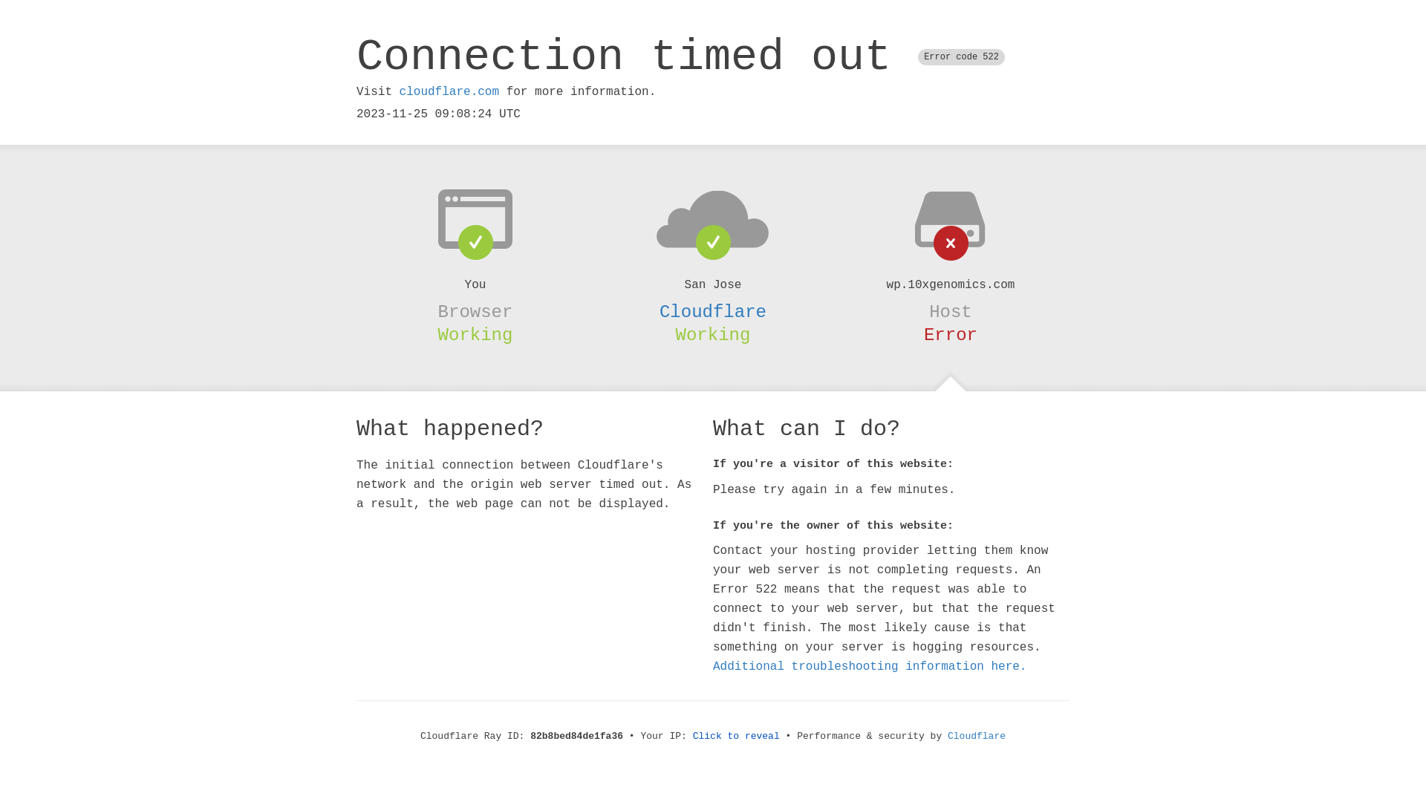  Describe the element at coordinates (713, 311) in the screenshot. I see `'Cloudflare'` at that location.